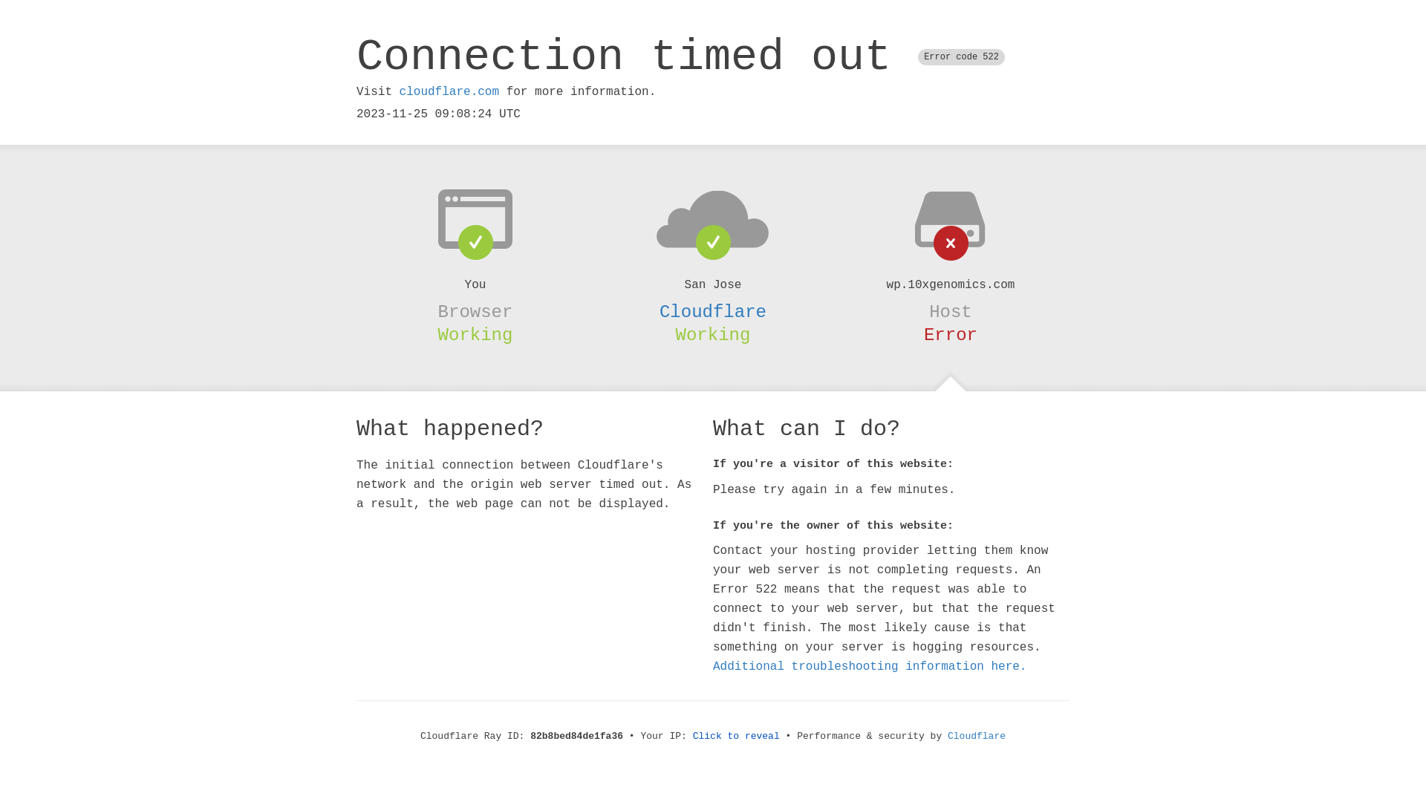  Describe the element at coordinates (713, 311) in the screenshot. I see `'Cloudflare'` at that location.